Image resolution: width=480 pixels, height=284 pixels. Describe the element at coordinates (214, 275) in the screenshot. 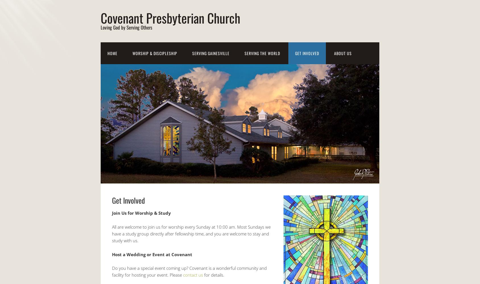

I see `'for details.'` at that location.